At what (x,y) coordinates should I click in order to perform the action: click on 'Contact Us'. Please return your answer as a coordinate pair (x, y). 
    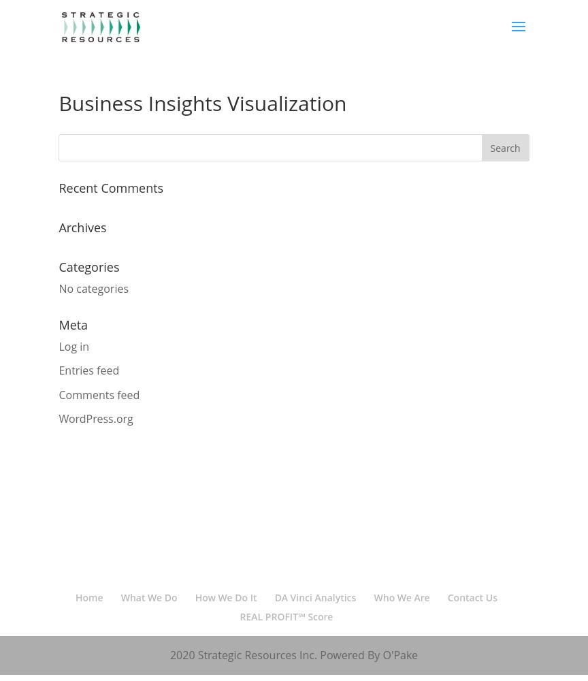
    Looking at the image, I should click on (472, 597).